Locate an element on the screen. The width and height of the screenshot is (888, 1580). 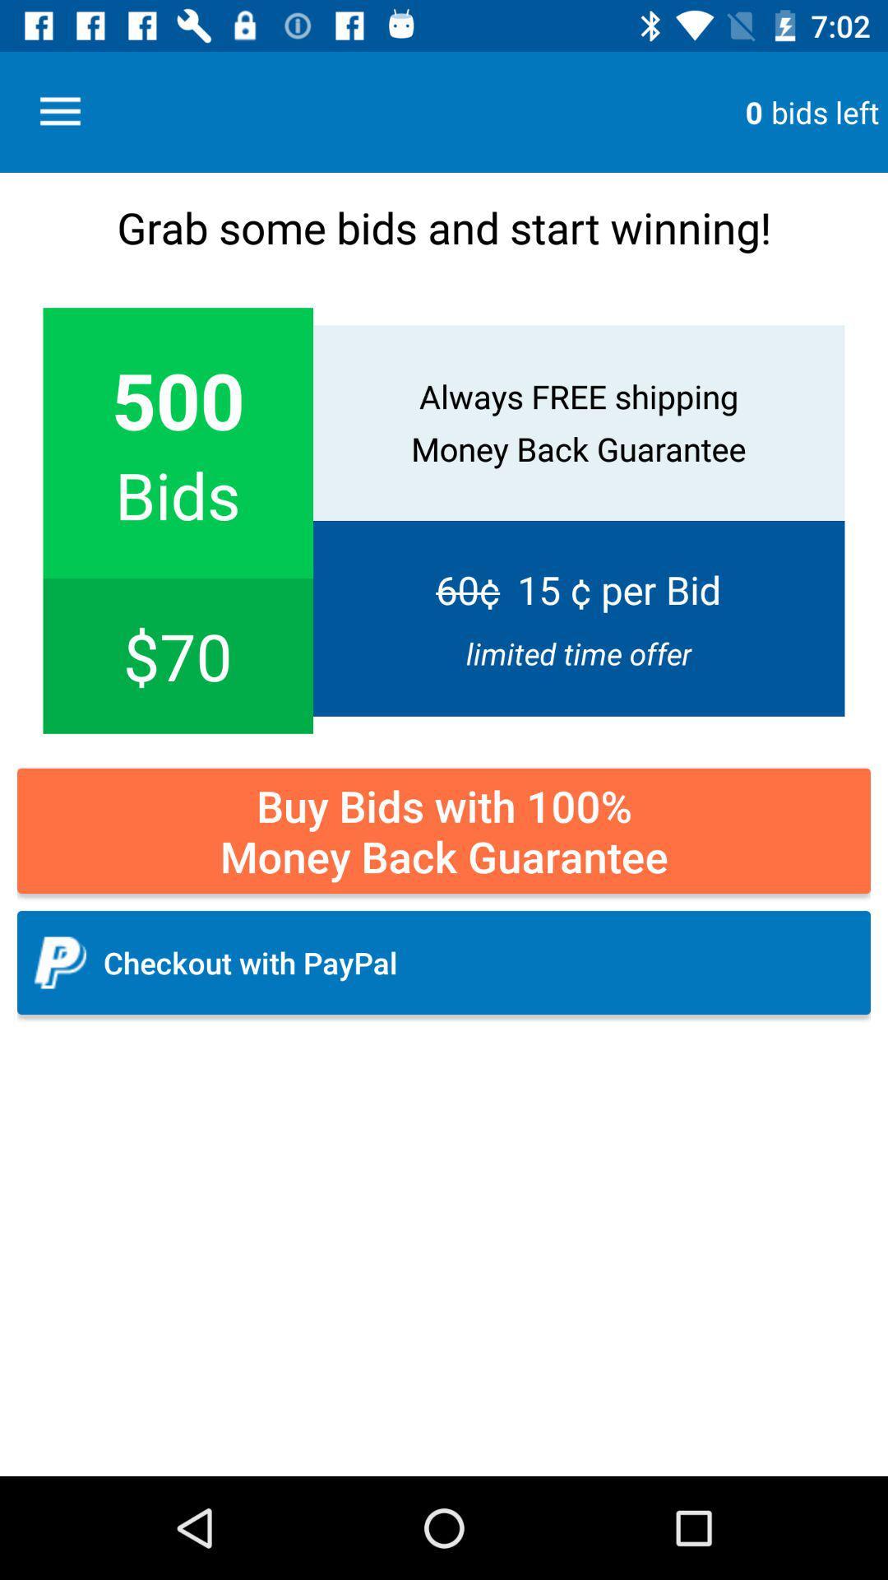
the text buy bids with 100 money back guarantee is located at coordinates (444, 830).